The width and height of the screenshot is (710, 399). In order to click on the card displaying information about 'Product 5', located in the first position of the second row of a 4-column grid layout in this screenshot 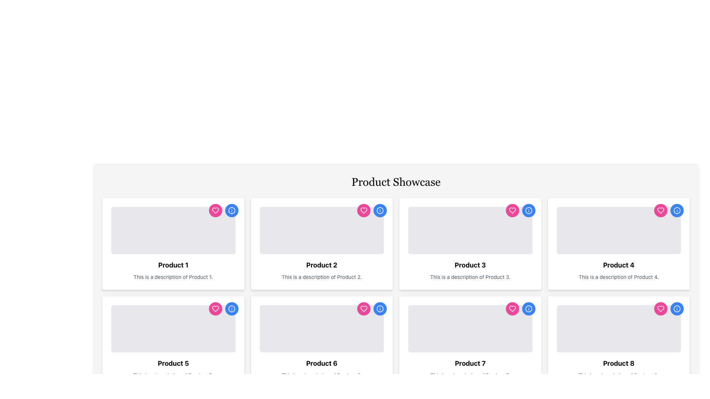, I will do `click(173, 342)`.